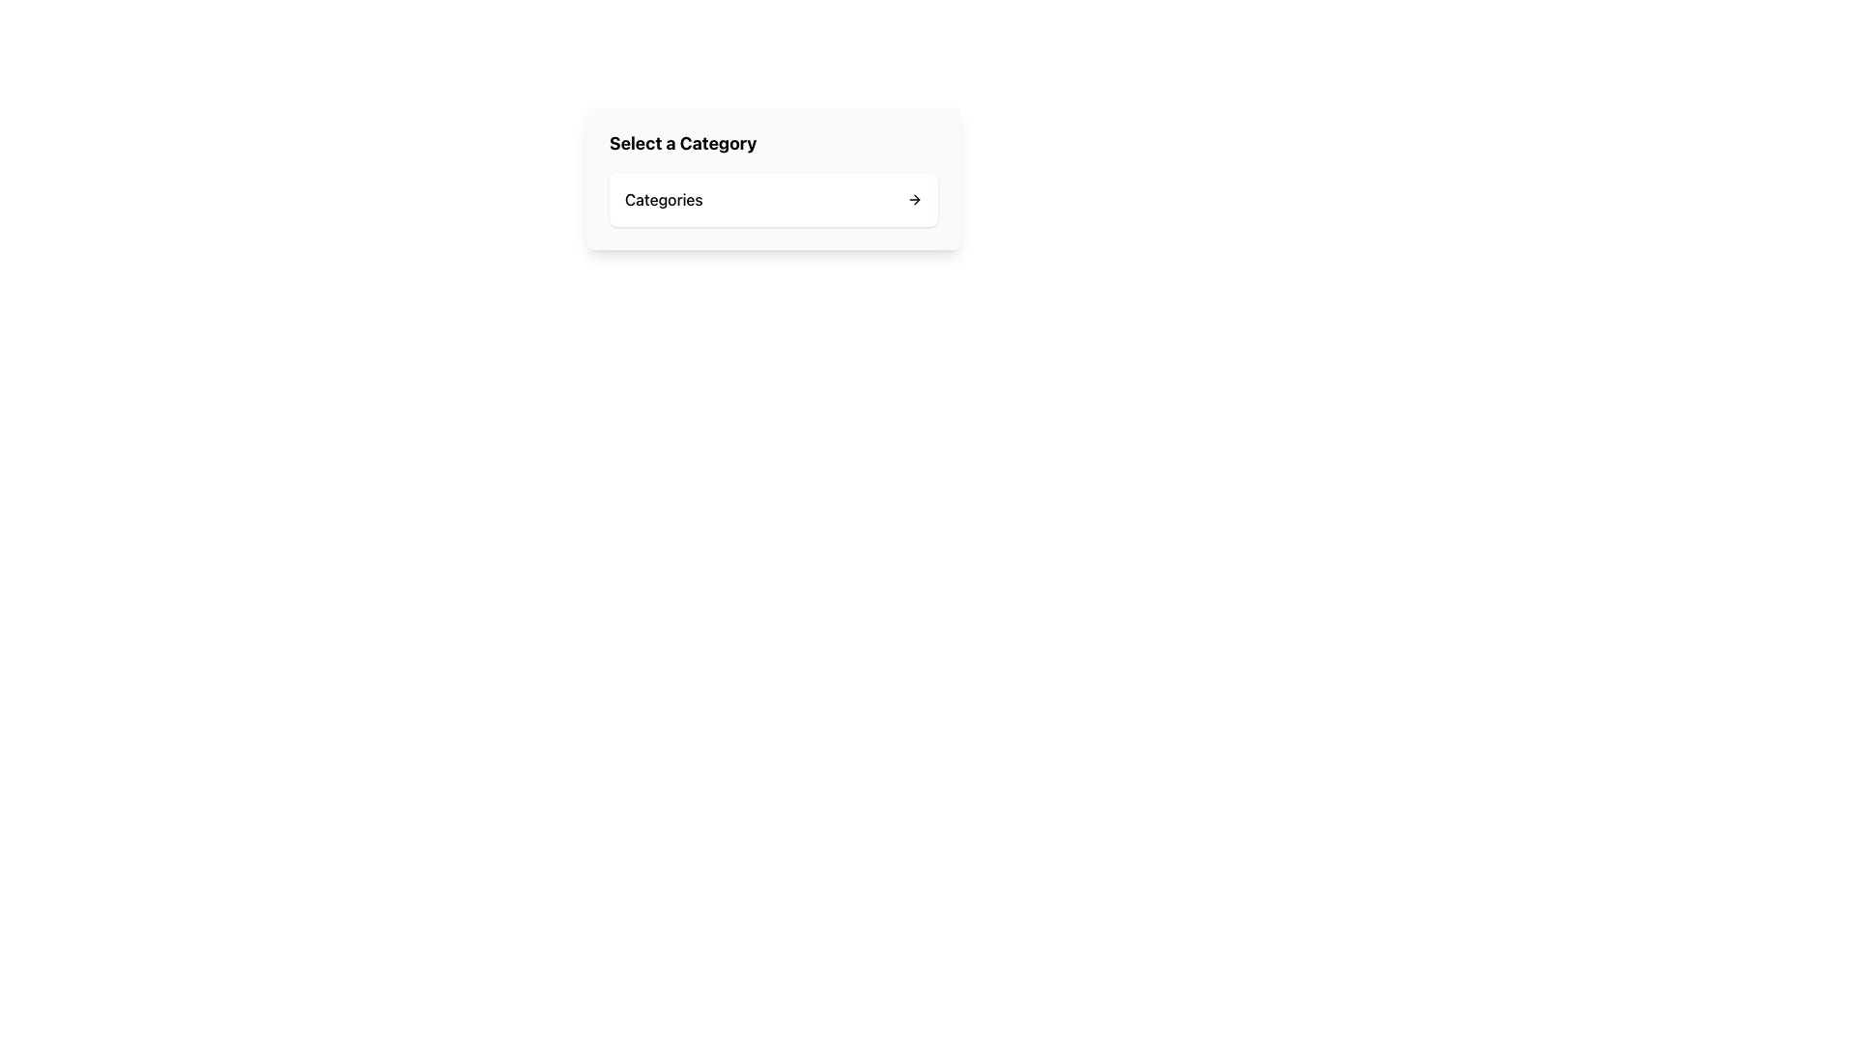 This screenshot has width=1855, height=1043. Describe the element at coordinates (916, 200) in the screenshot. I see `the right-pointing arrow graphic element located to the right of the 'Categories' text in the dropdown component` at that location.